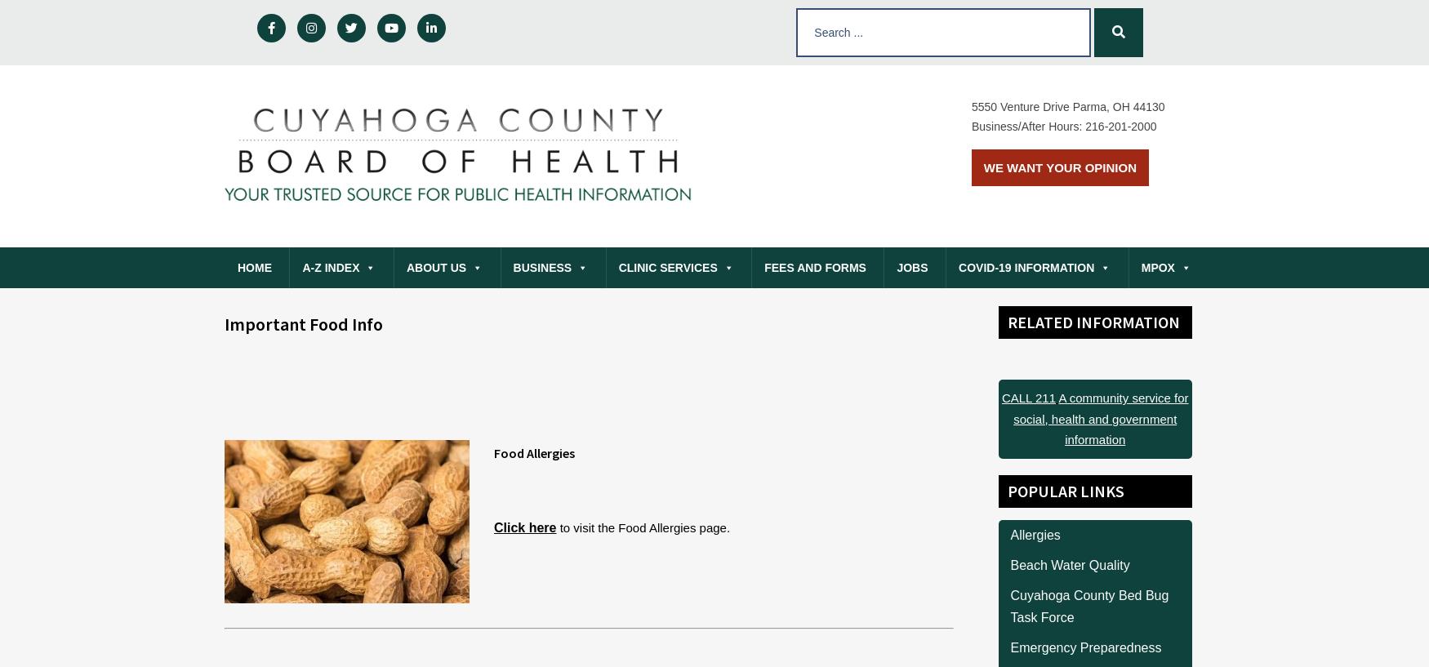  Describe the element at coordinates (1089, 606) in the screenshot. I see `'Cuyahoga County Bed Bug Task Force'` at that location.